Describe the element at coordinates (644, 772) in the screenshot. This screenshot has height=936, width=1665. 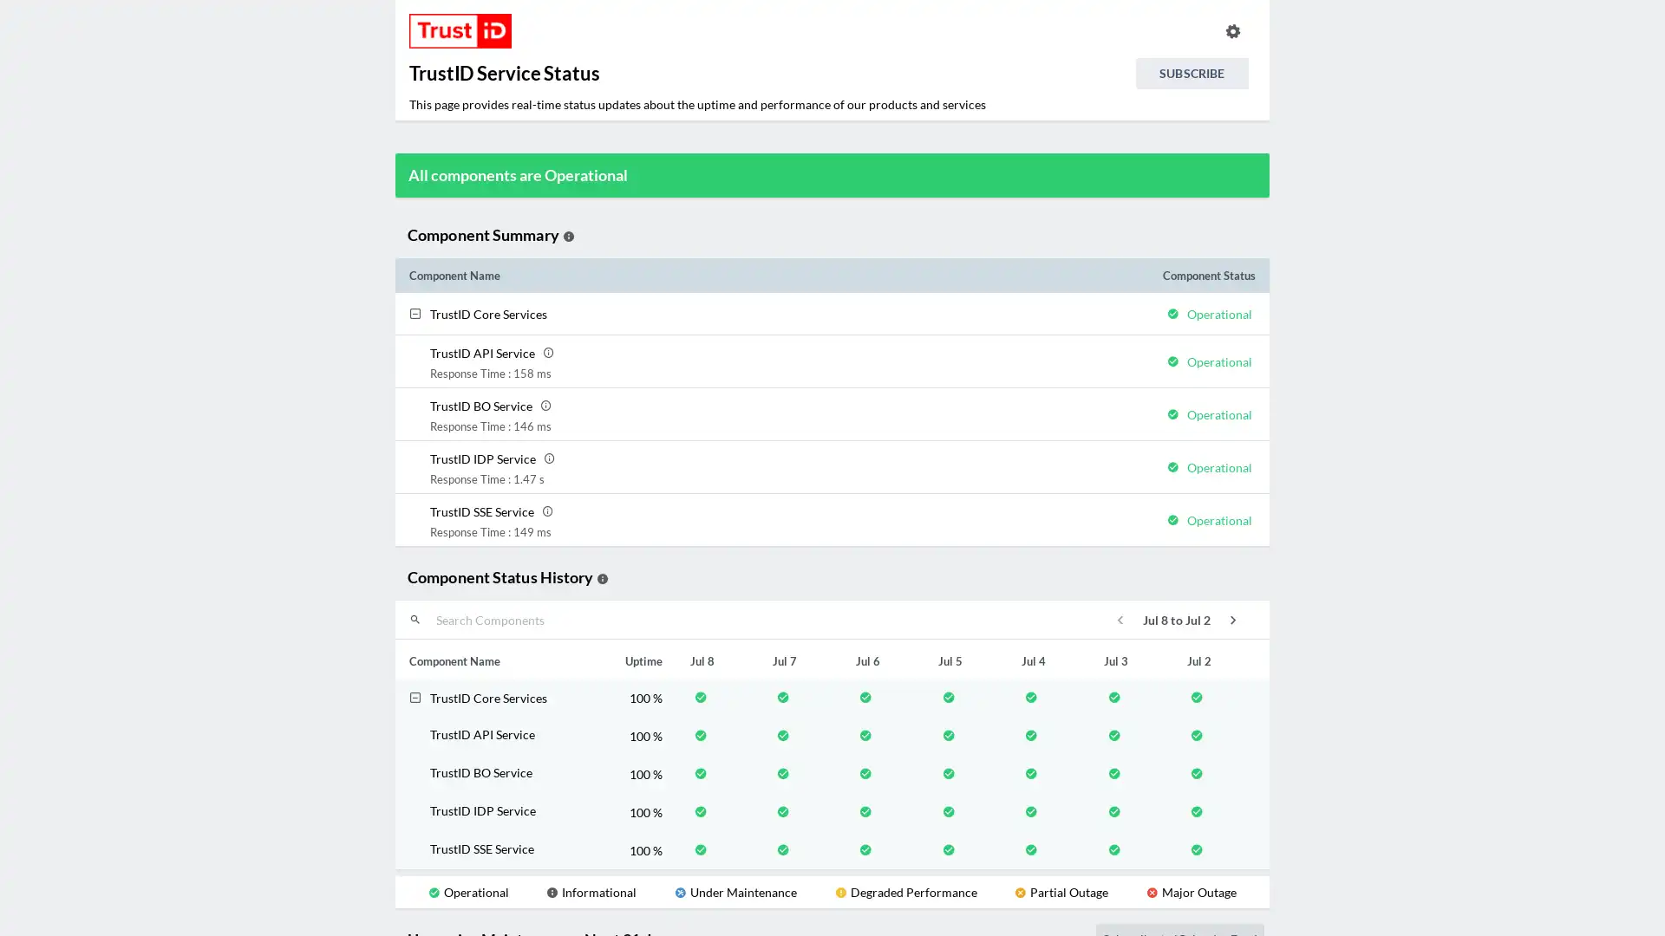
I see `100 %` at that location.